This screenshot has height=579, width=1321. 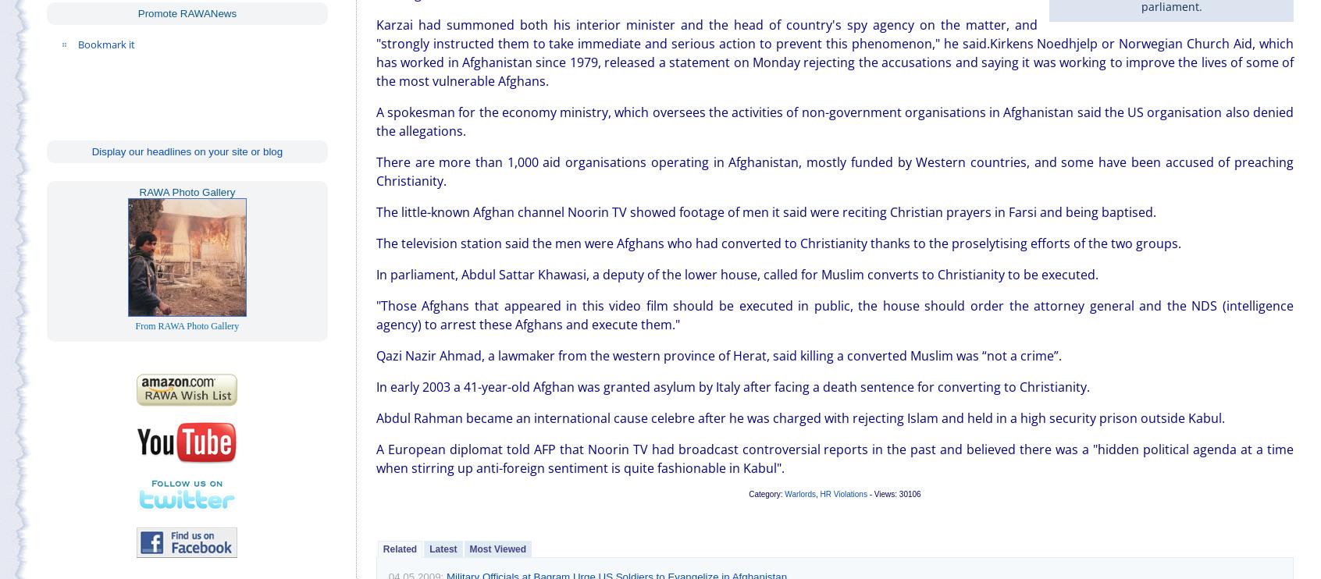 I want to click on 'Most Viewed', so click(x=497, y=547).